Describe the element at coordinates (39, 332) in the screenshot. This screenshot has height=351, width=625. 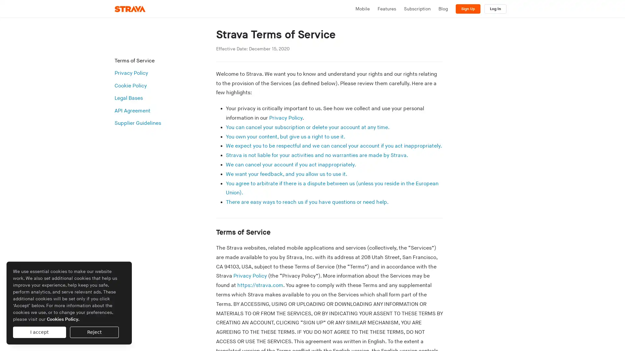
I see `I accept` at that location.